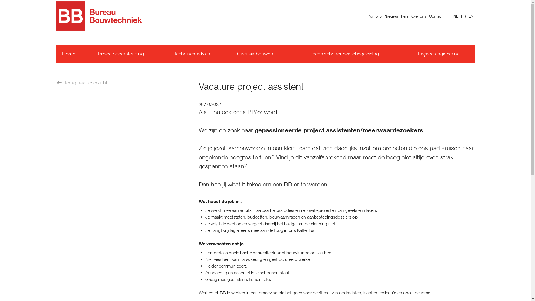 The height and width of the screenshot is (301, 535). I want to click on 'Portfolio', so click(374, 16).